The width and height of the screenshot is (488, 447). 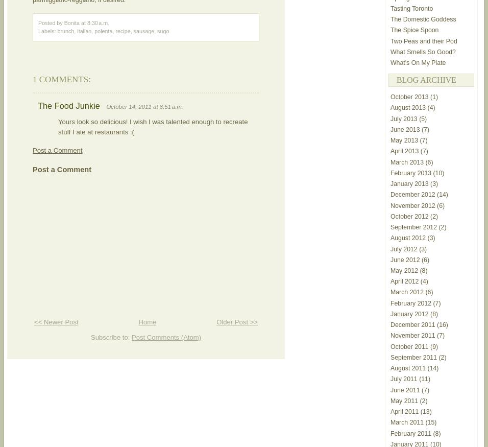 What do you see at coordinates (412, 194) in the screenshot?
I see `'December 2012'` at bounding box center [412, 194].